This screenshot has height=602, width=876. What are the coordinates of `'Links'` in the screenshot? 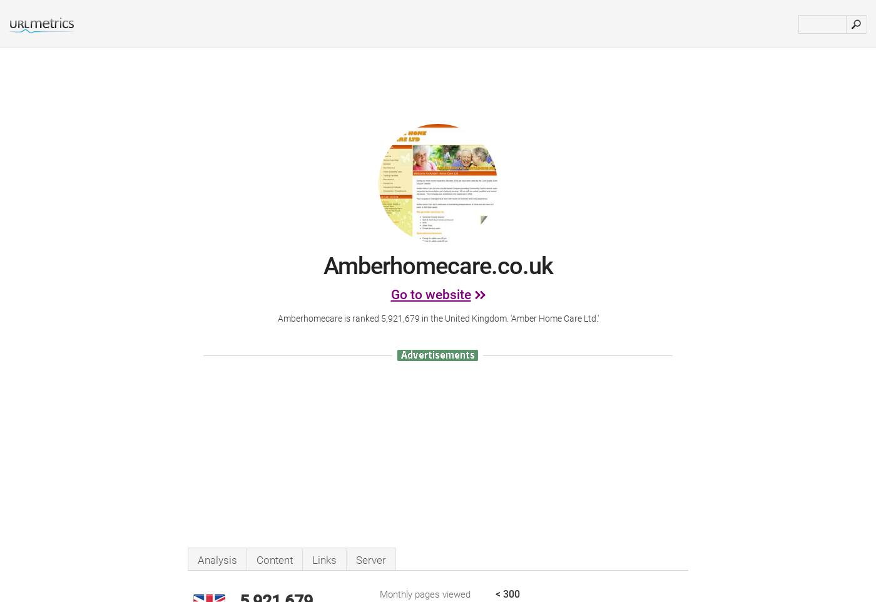 It's located at (312, 559).